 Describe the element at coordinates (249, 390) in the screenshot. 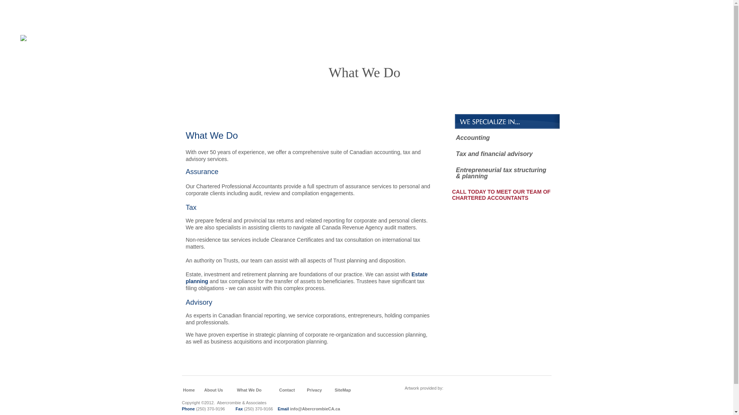

I see `'What We Do'` at that location.